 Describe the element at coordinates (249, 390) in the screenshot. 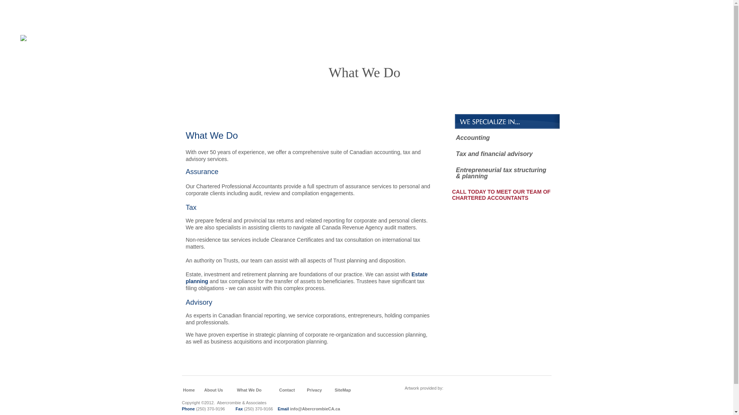

I see `'What We Do'` at that location.